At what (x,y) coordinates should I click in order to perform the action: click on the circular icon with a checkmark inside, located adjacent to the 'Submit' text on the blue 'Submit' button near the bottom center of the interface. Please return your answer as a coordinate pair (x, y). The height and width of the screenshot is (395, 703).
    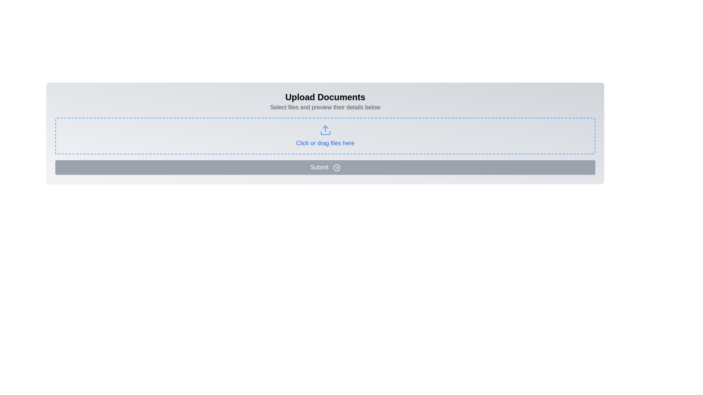
    Looking at the image, I should click on (336, 168).